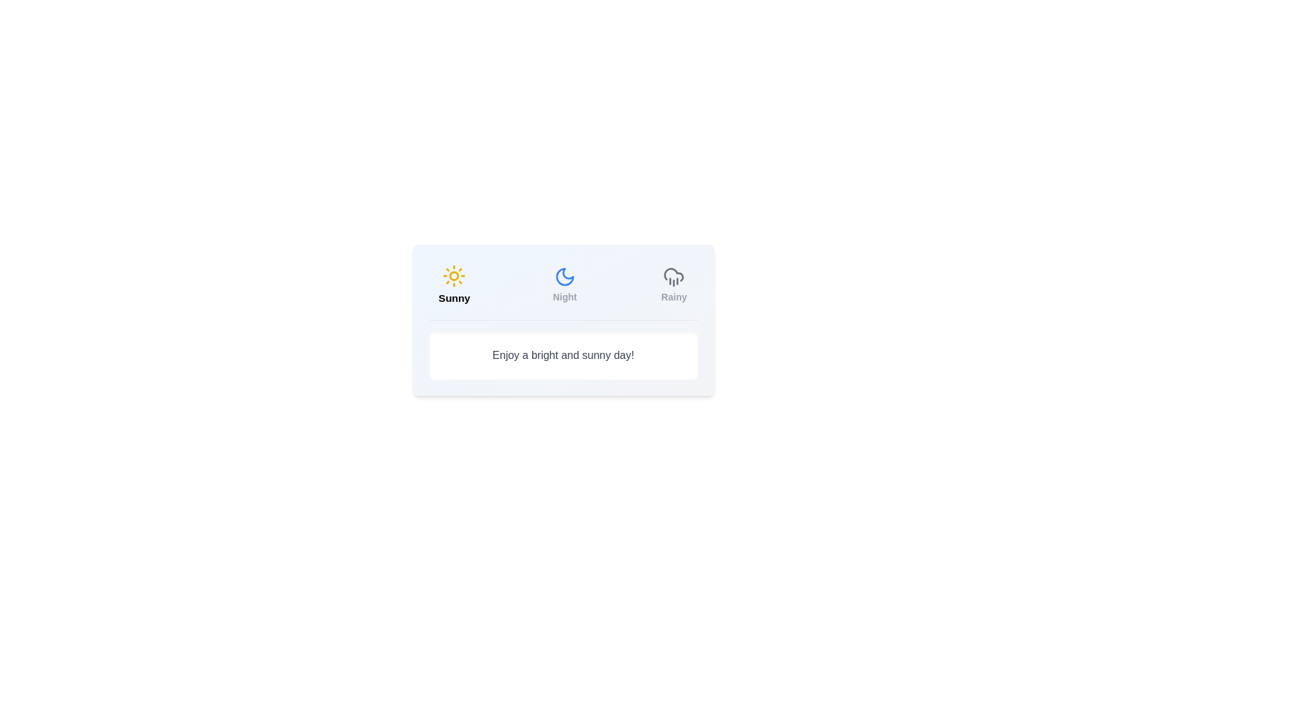 The height and width of the screenshot is (726, 1290). Describe the element at coordinates (454, 284) in the screenshot. I see `the tab labeled Sunny to observe its icon and label` at that location.